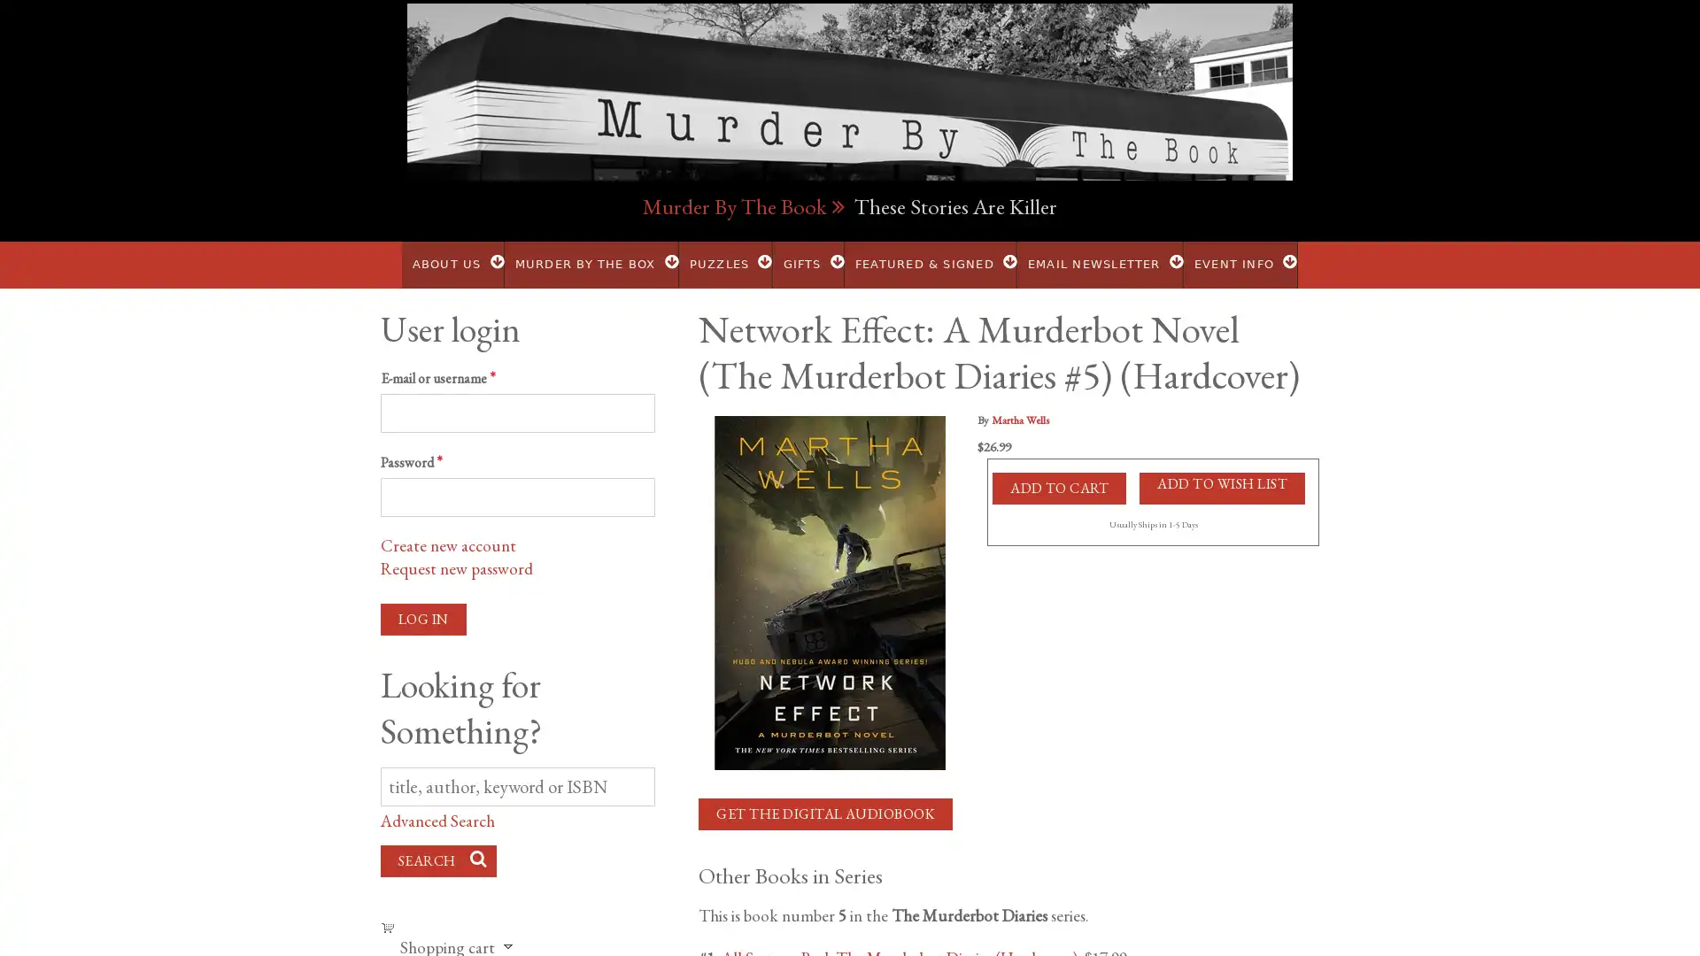 The height and width of the screenshot is (956, 1700). Describe the element at coordinates (824, 849) in the screenshot. I see `Get the Digital Audiobook` at that location.